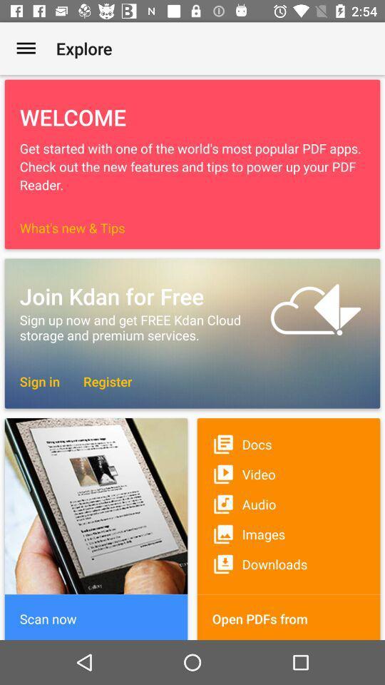 This screenshot has height=685, width=385. What do you see at coordinates (100, 380) in the screenshot?
I see `the register item` at bounding box center [100, 380].